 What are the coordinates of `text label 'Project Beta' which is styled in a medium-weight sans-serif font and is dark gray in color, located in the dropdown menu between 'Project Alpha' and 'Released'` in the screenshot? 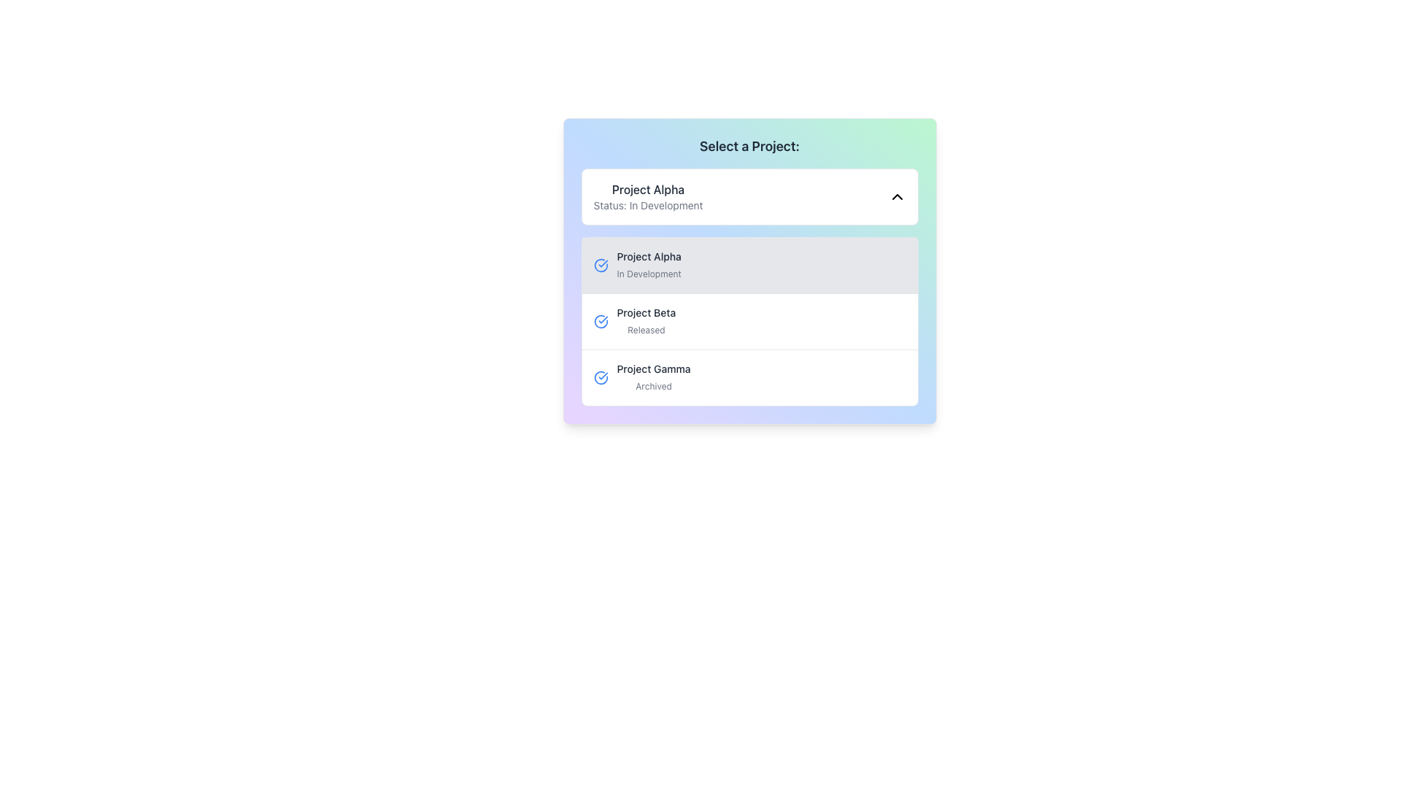 It's located at (645, 312).